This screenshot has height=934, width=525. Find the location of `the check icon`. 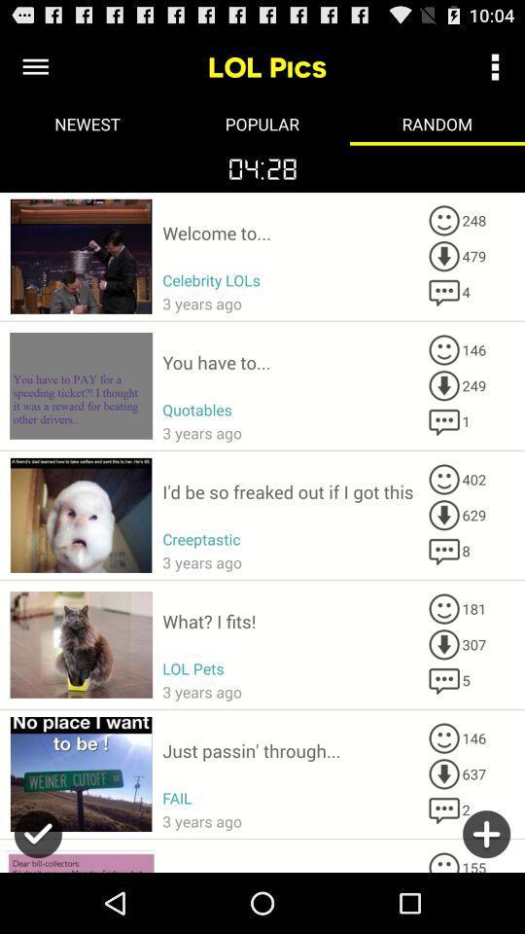

the check icon is located at coordinates (38, 899).